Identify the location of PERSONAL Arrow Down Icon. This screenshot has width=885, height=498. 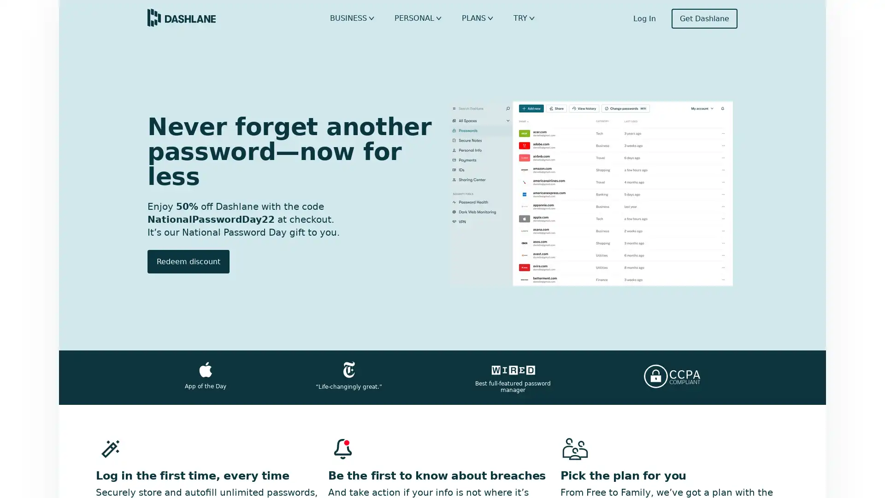
(422, 18).